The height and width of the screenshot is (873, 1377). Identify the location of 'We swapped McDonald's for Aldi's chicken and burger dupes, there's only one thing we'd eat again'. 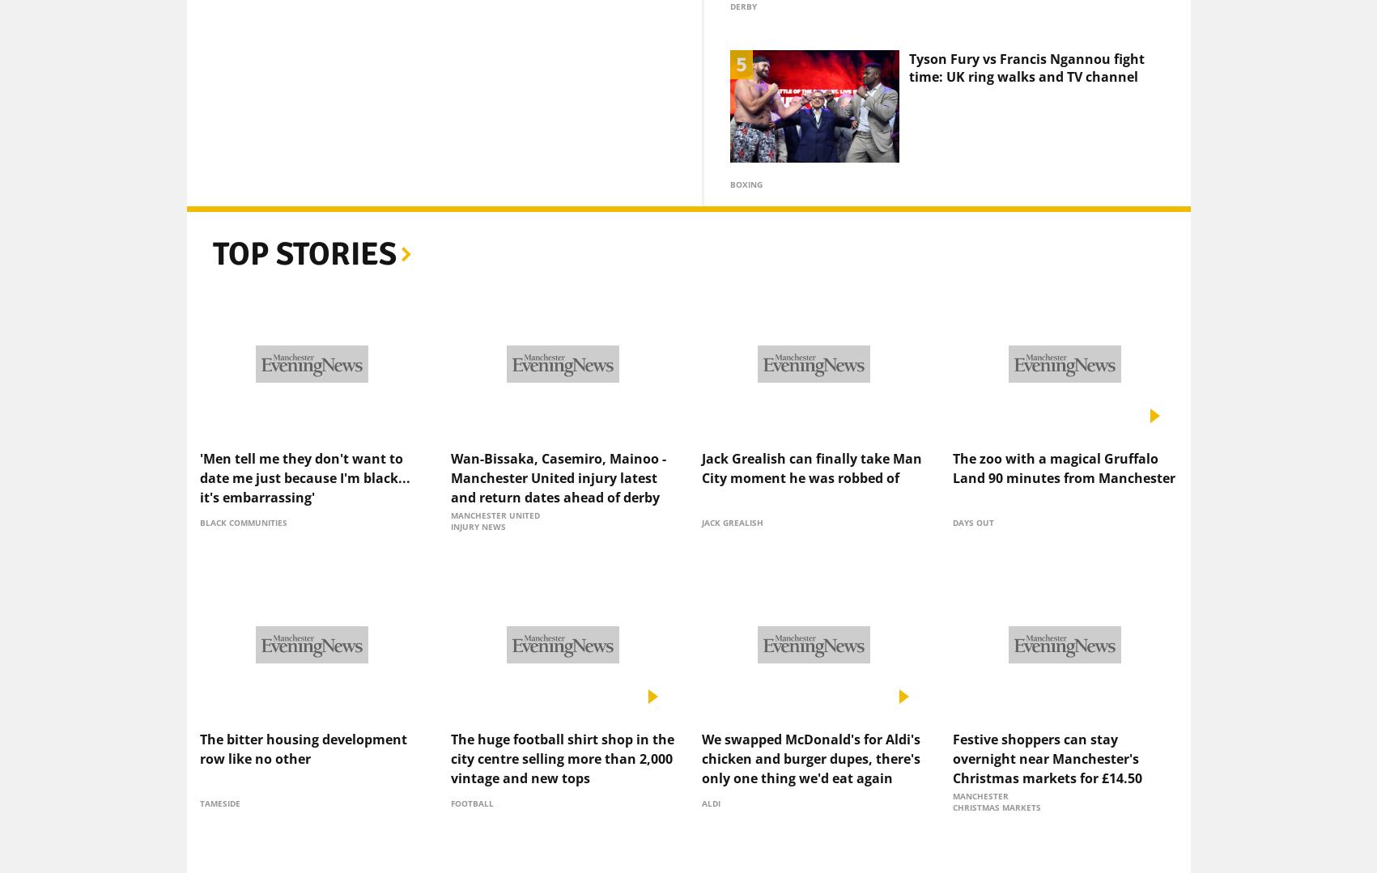
(810, 730).